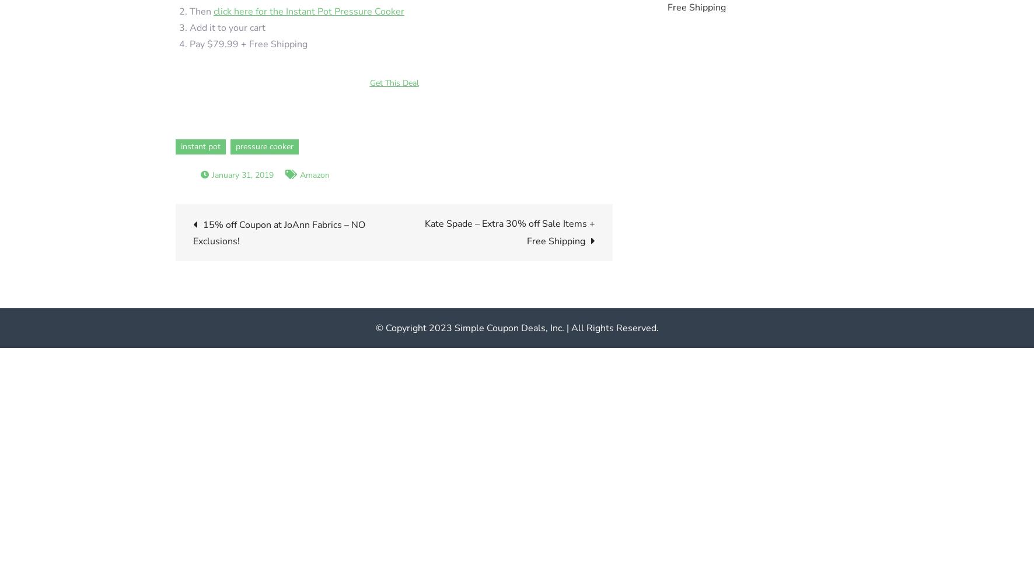  What do you see at coordinates (243, 175) in the screenshot?
I see `'January 31, 2019'` at bounding box center [243, 175].